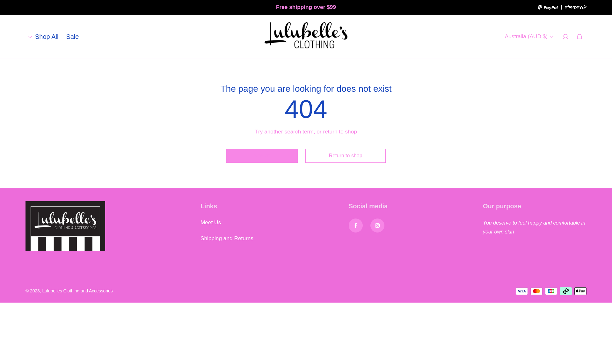 The height and width of the screenshot is (344, 612). I want to click on 'Return to shop', so click(345, 156).